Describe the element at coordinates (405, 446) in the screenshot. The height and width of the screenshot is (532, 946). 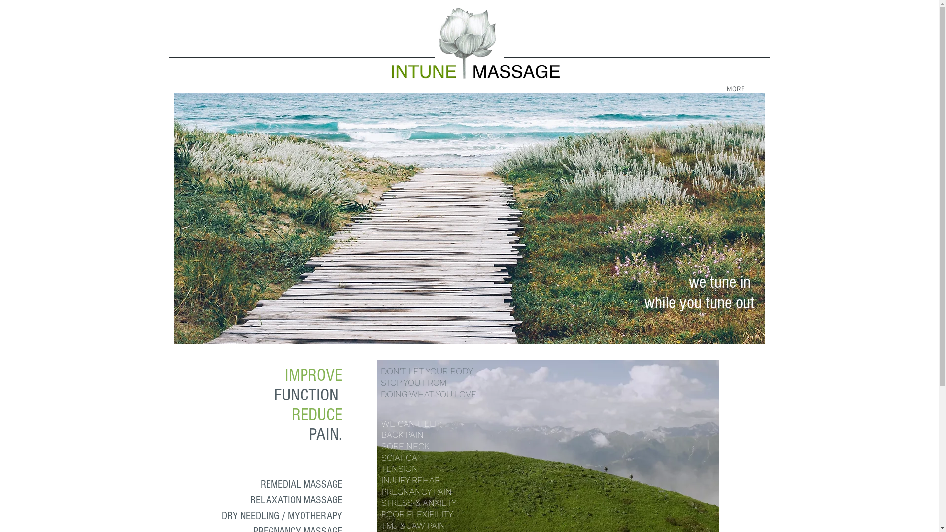
I see `'SORE NECK'` at that location.